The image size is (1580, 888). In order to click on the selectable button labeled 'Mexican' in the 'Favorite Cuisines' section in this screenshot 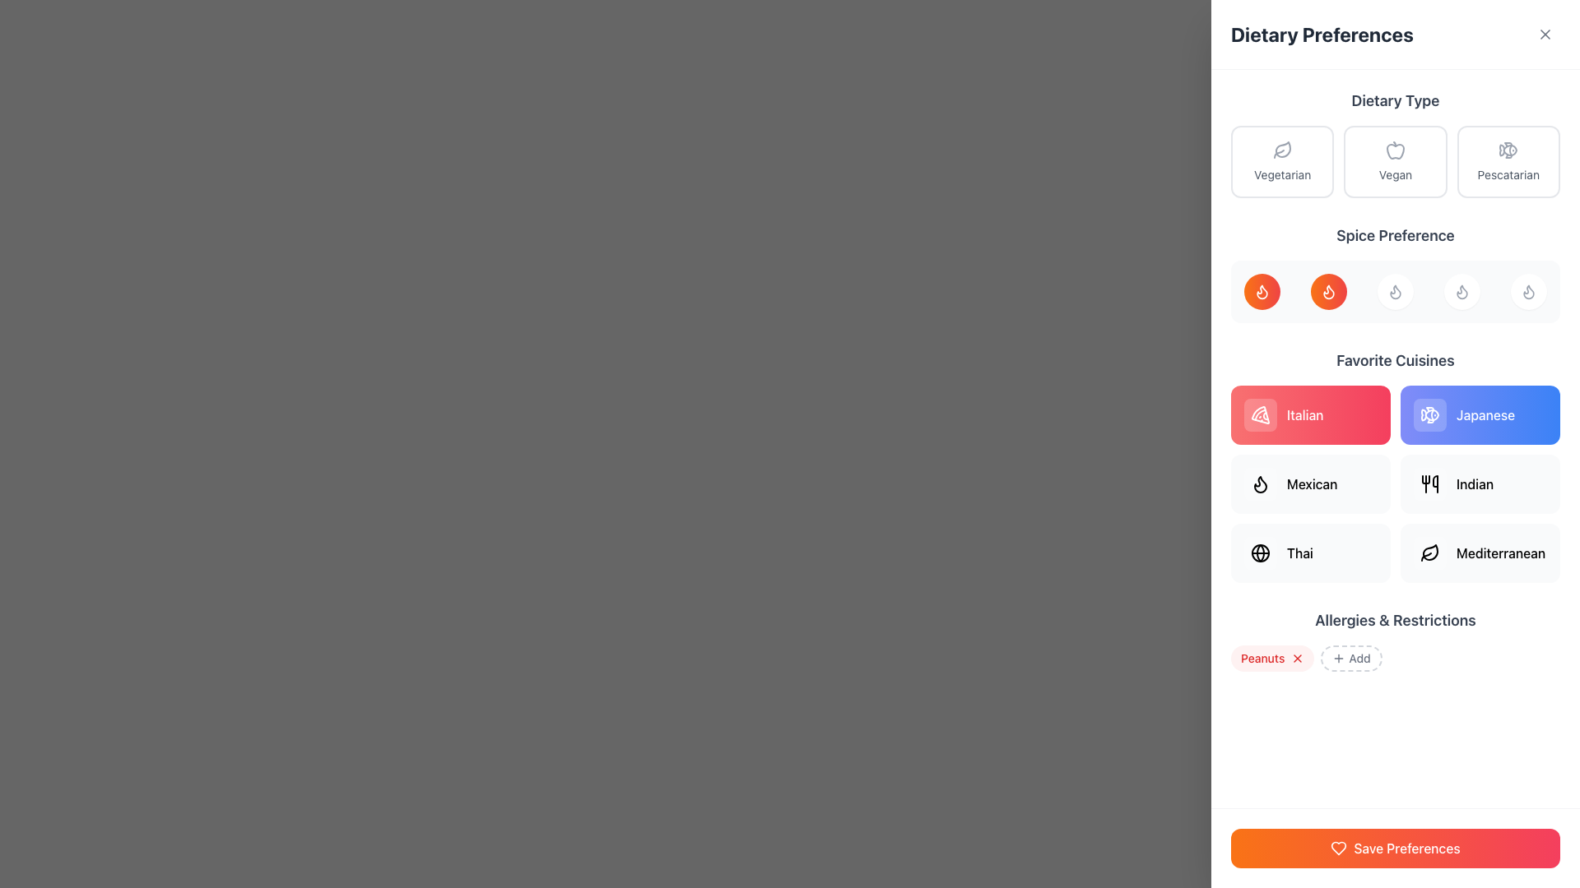, I will do `click(1310, 483)`.